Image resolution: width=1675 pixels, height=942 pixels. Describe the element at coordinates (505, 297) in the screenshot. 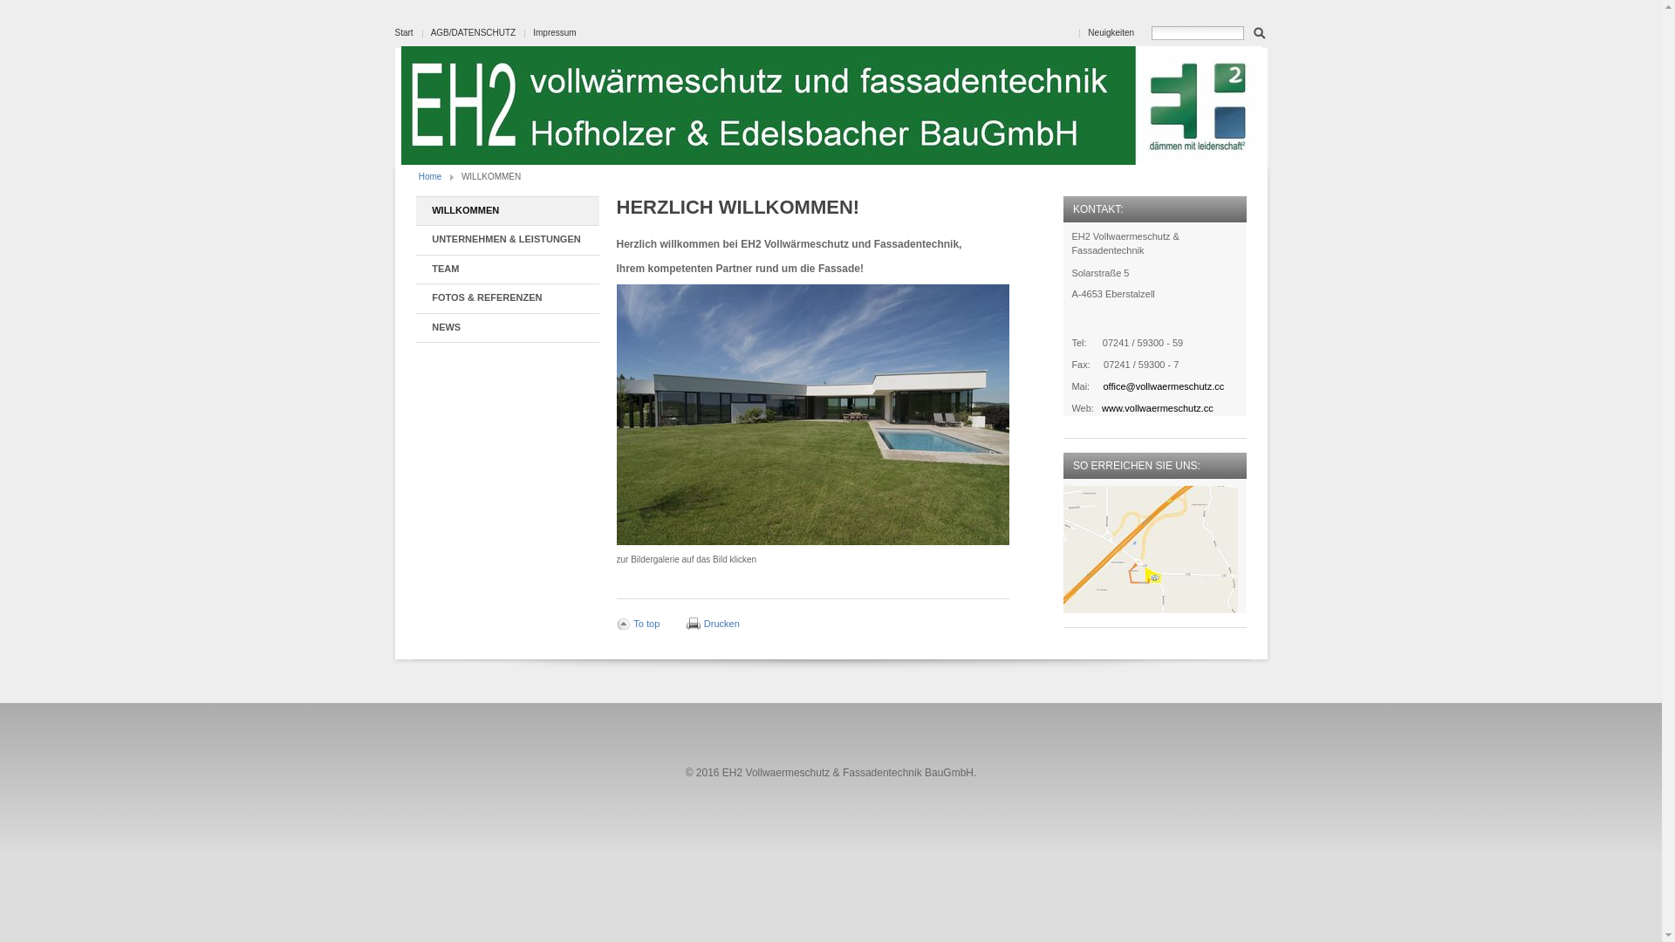

I see `'FOTOS & REFERENZEN'` at that location.